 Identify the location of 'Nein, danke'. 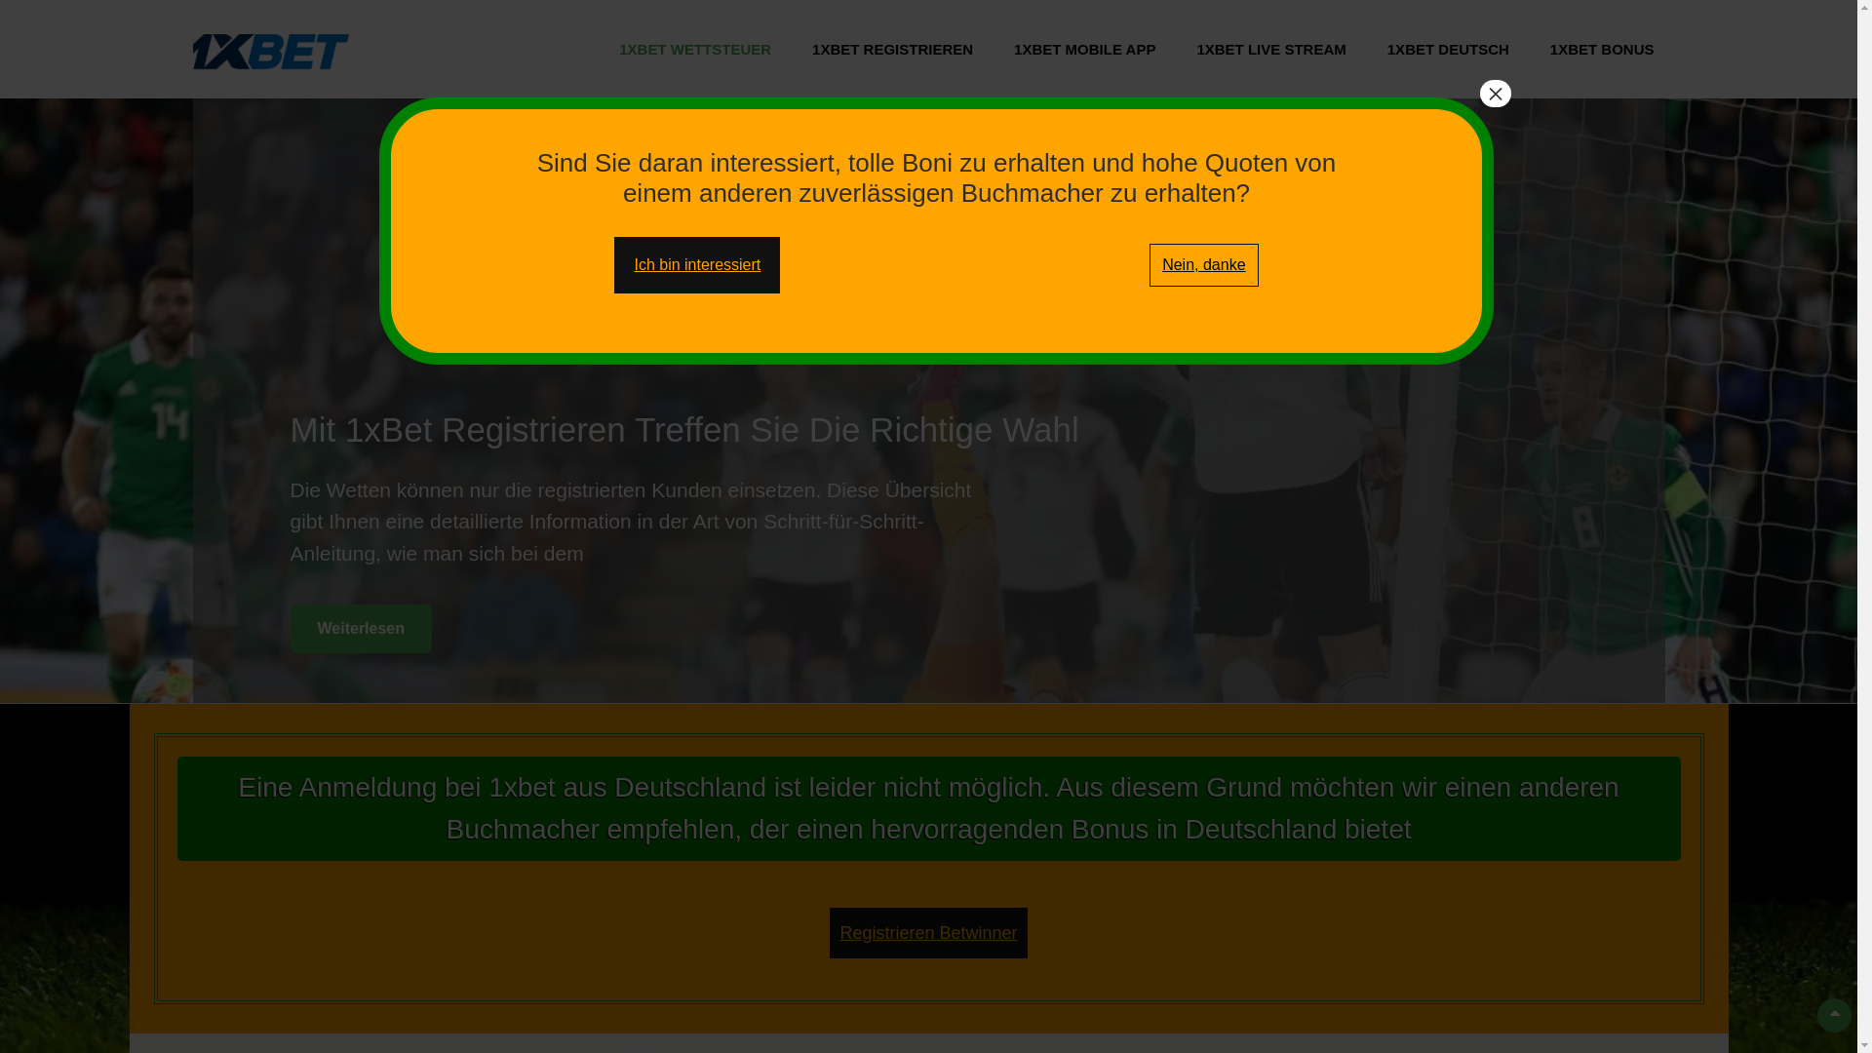
(1202, 265).